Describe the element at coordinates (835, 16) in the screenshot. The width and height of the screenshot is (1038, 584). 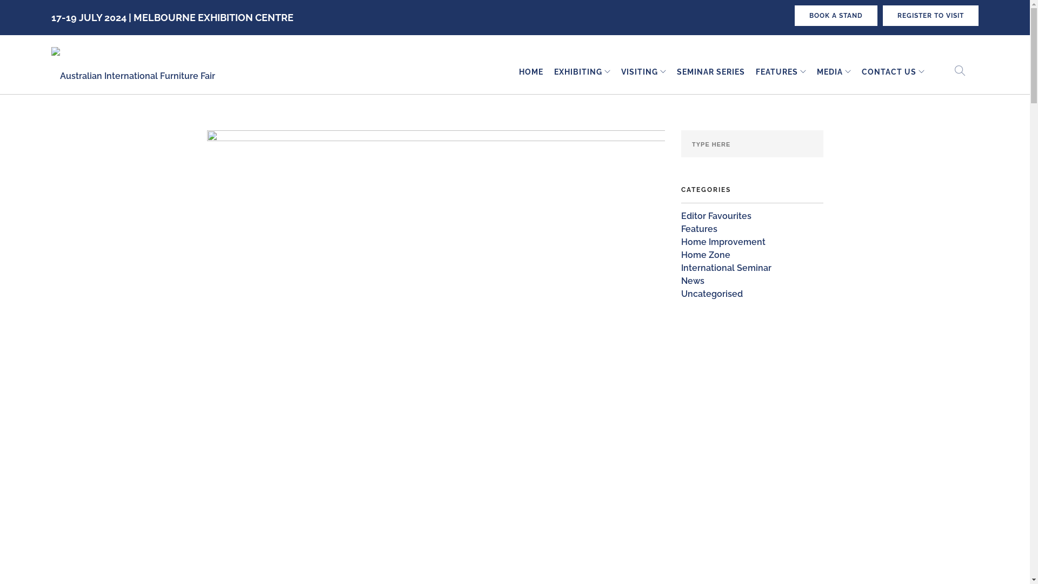
I see `'BOOK A STAND'` at that location.